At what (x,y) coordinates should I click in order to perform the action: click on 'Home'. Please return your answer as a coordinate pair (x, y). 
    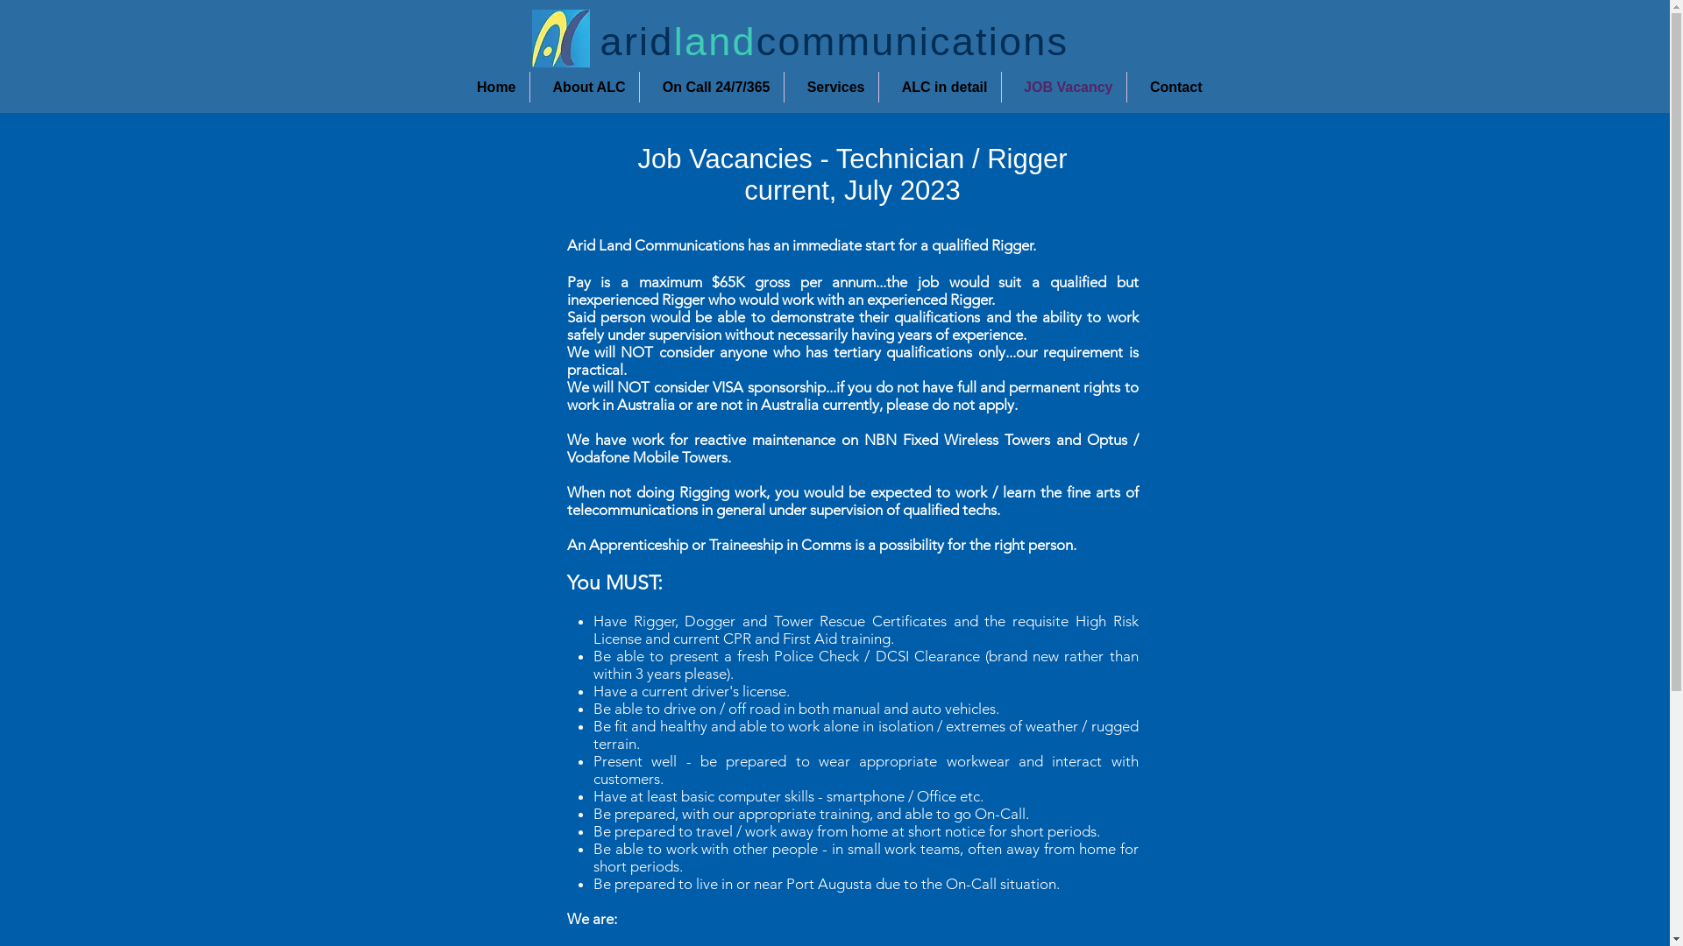
    Looking at the image, I should click on (491, 87).